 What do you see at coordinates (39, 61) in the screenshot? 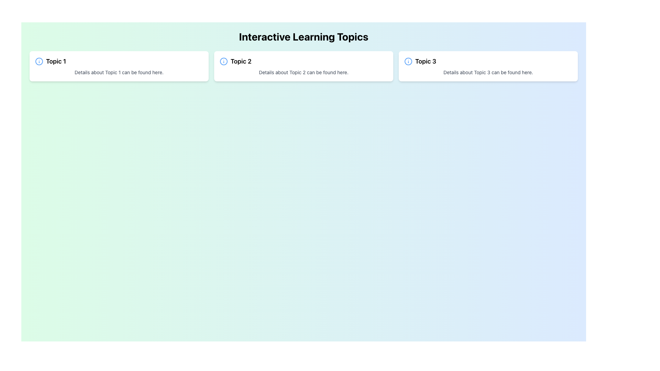
I see `the informational icon located to the left of the text label 'Topic 1' within the first card` at bounding box center [39, 61].